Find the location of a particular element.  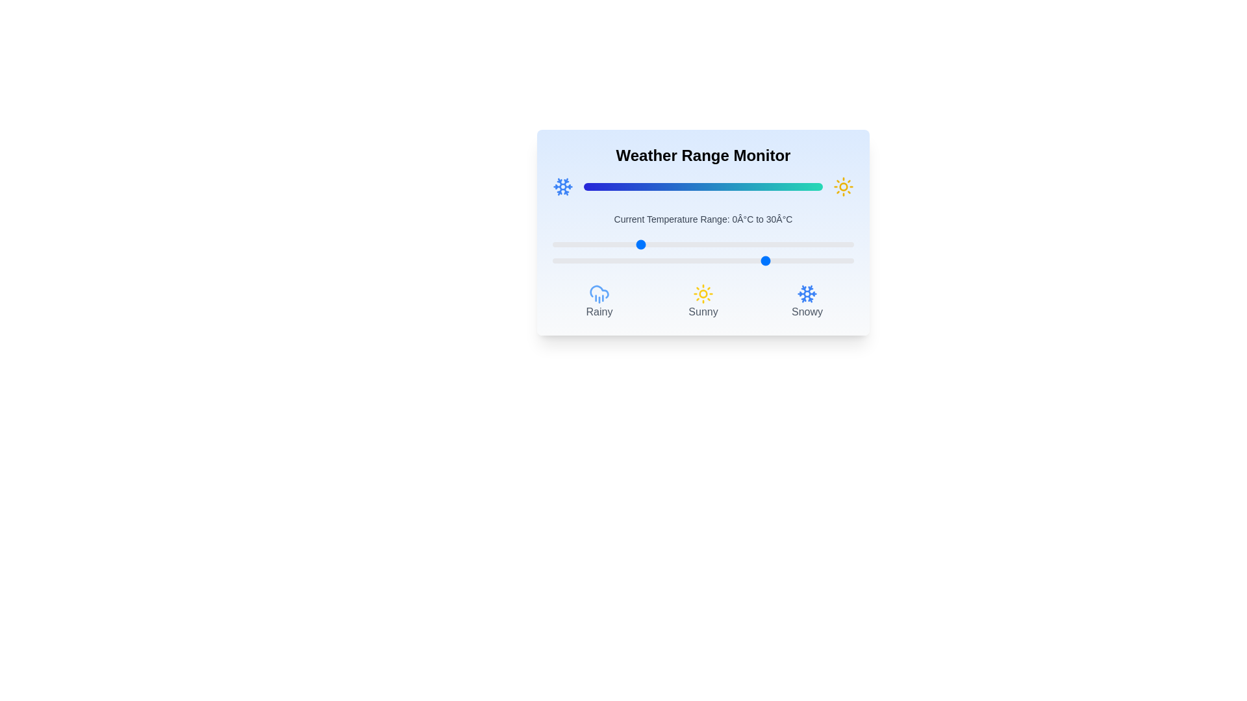

the 'Rainy' weather icon located at the bottom-left of the interface, which serves as an indicator for rainy weather is located at coordinates (598, 291).